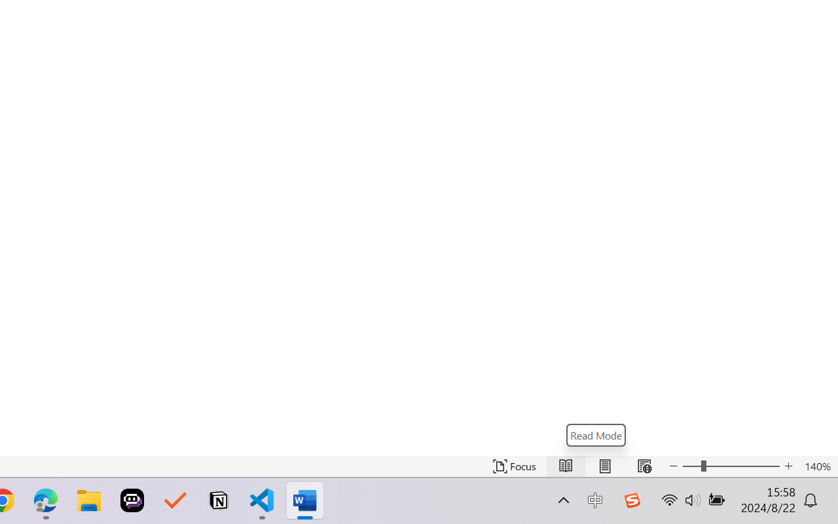 Image resolution: width=838 pixels, height=524 pixels. What do you see at coordinates (604, 466) in the screenshot?
I see `'Print Layout'` at bounding box center [604, 466].